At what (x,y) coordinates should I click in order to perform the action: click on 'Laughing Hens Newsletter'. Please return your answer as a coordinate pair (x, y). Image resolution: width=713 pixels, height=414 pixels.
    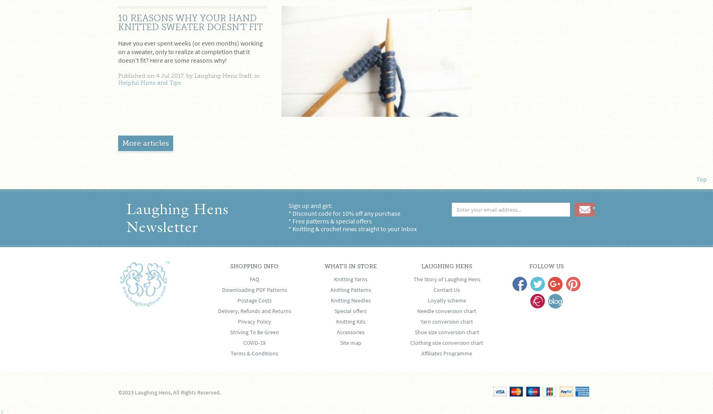
    Looking at the image, I should click on (176, 219).